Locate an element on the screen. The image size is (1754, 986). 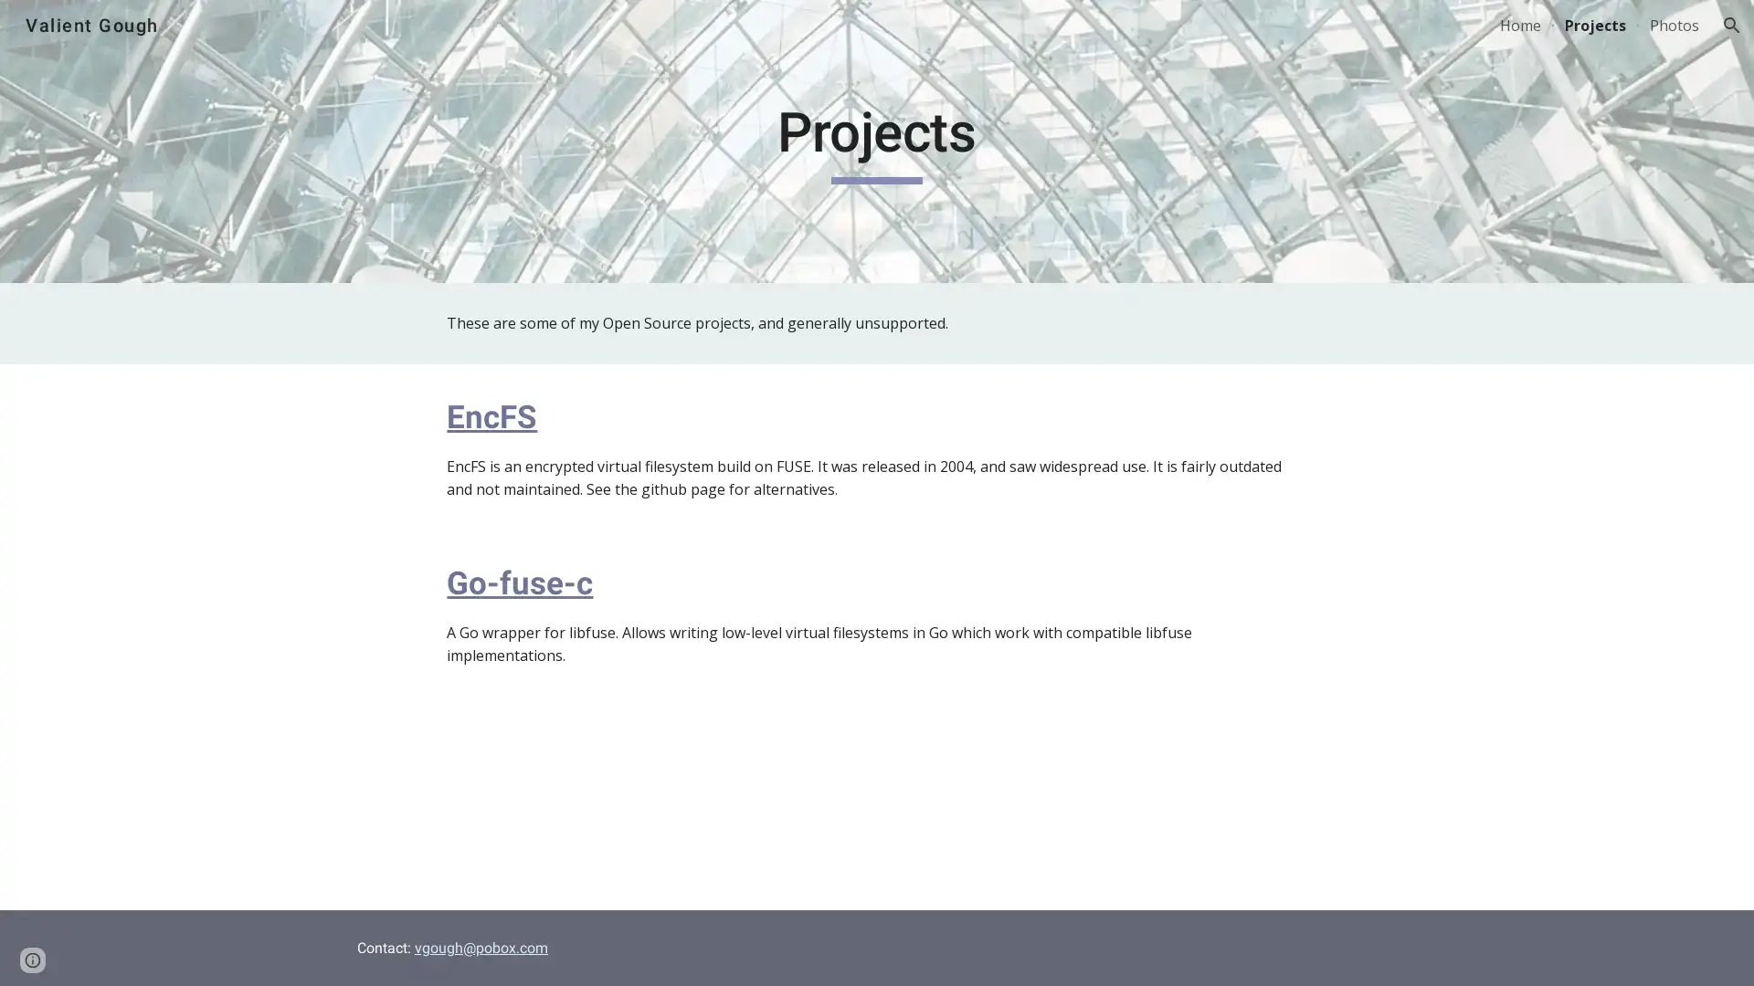
Report abuse is located at coordinates (219, 953).